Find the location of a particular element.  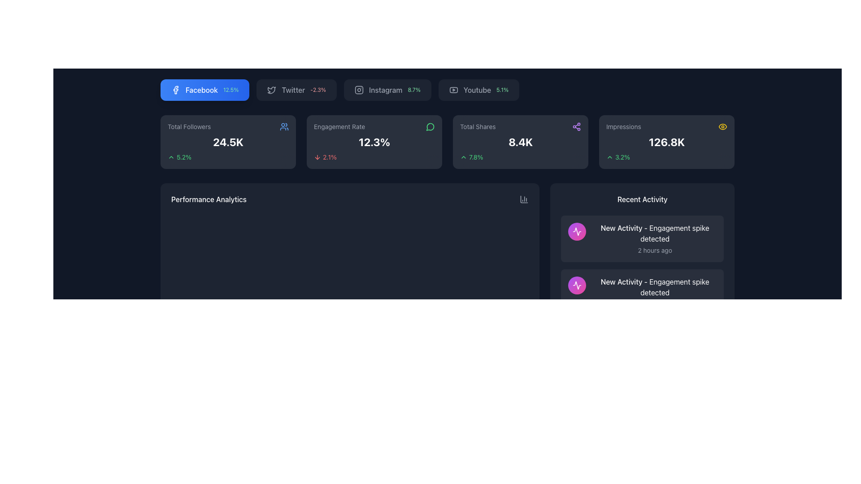

the SVG icon resembling the YouTube logo, which has a red play button and is located in the header section next is located at coordinates (453, 90).